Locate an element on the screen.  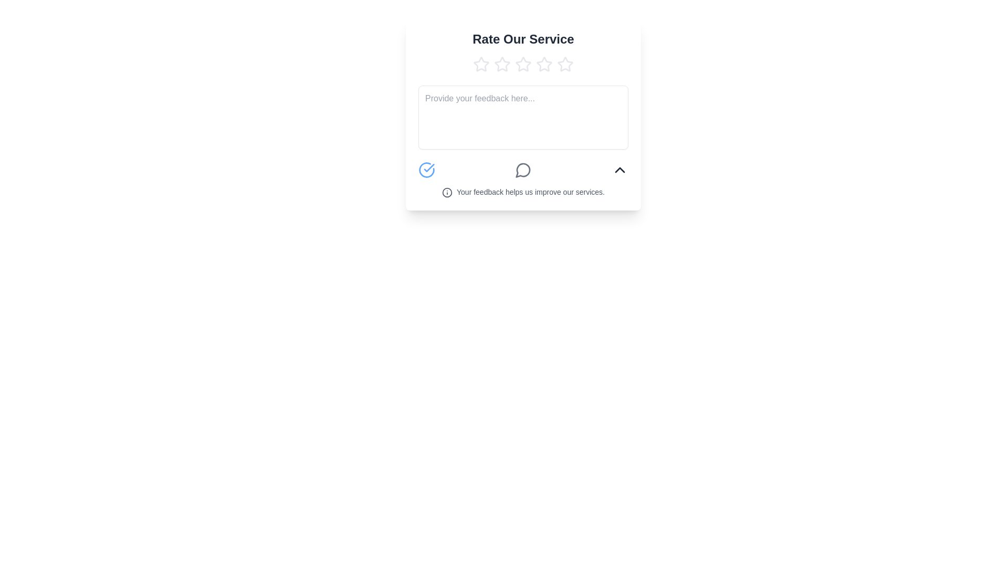
the Circle (SVG component) that is part of the feedback icon, located below the feedback input section on the left side of the descriptive text is located at coordinates (447, 193).